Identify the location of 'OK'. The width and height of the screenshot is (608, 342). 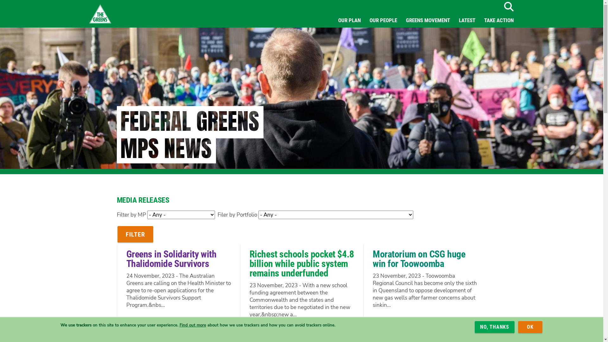
(518, 327).